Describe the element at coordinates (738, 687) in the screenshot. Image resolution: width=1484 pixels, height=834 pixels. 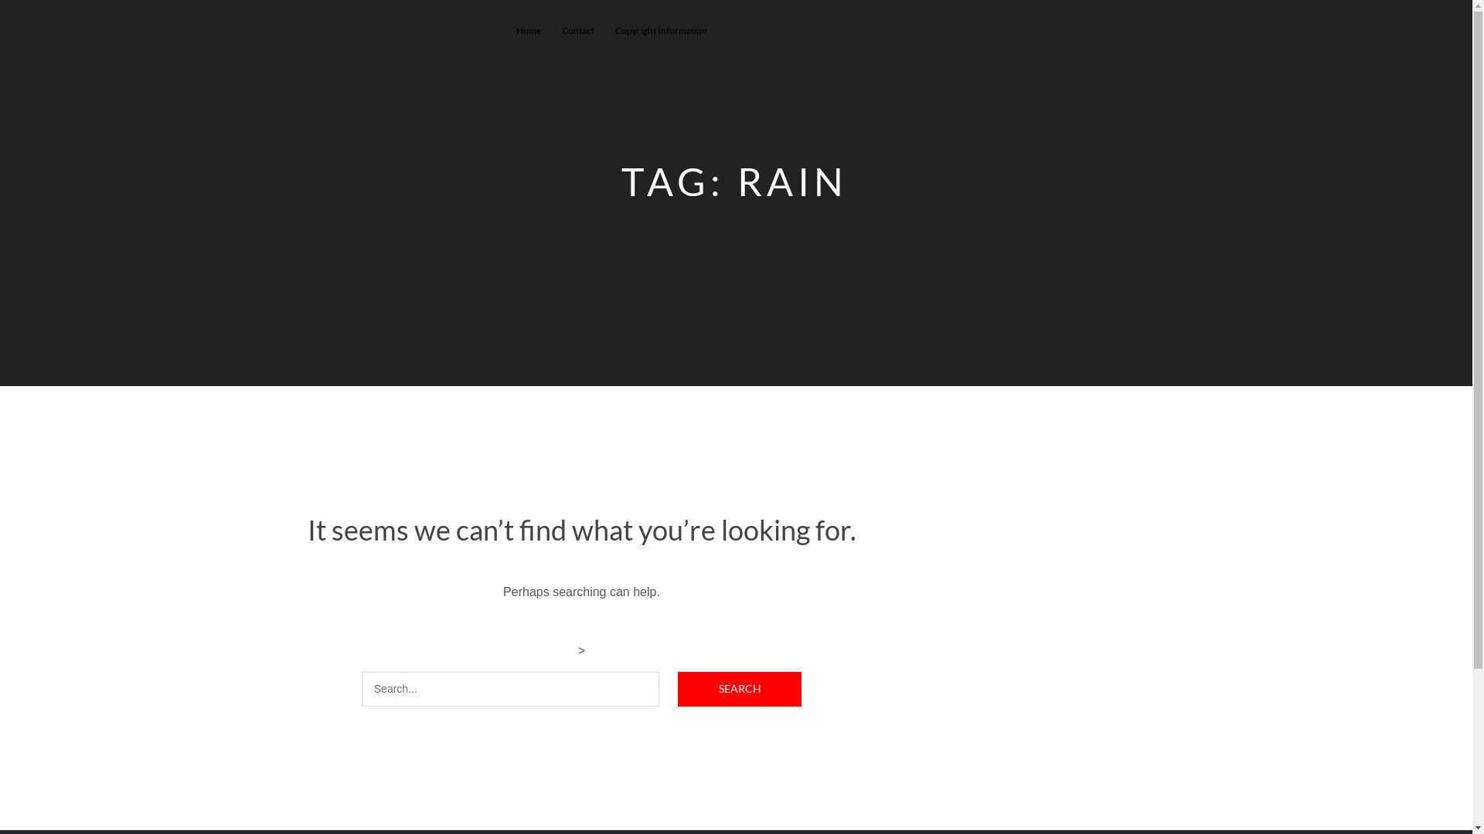
I see `'SEARCH'` at that location.